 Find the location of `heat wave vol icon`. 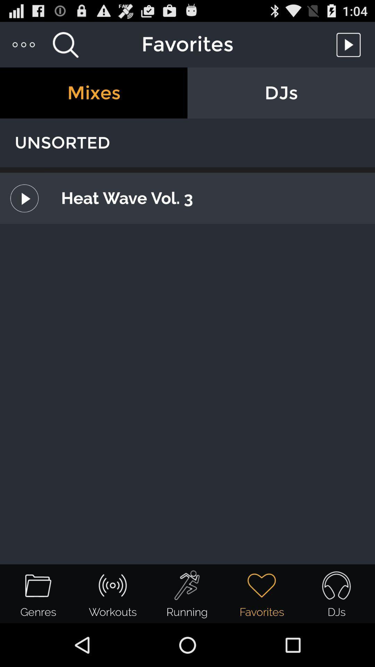

heat wave vol icon is located at coordinates (210, 198).